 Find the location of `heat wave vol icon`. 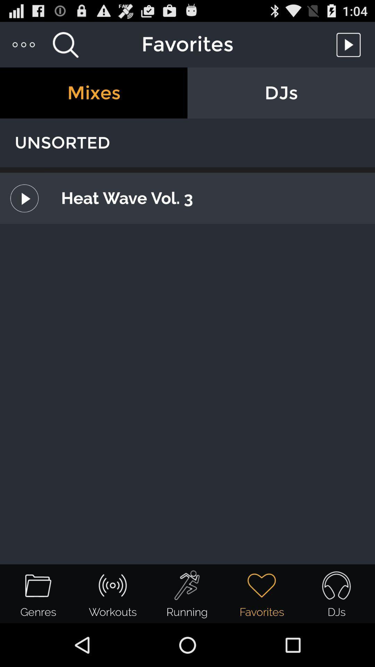

heat wave vol icon is located at coordinates (210, 198).